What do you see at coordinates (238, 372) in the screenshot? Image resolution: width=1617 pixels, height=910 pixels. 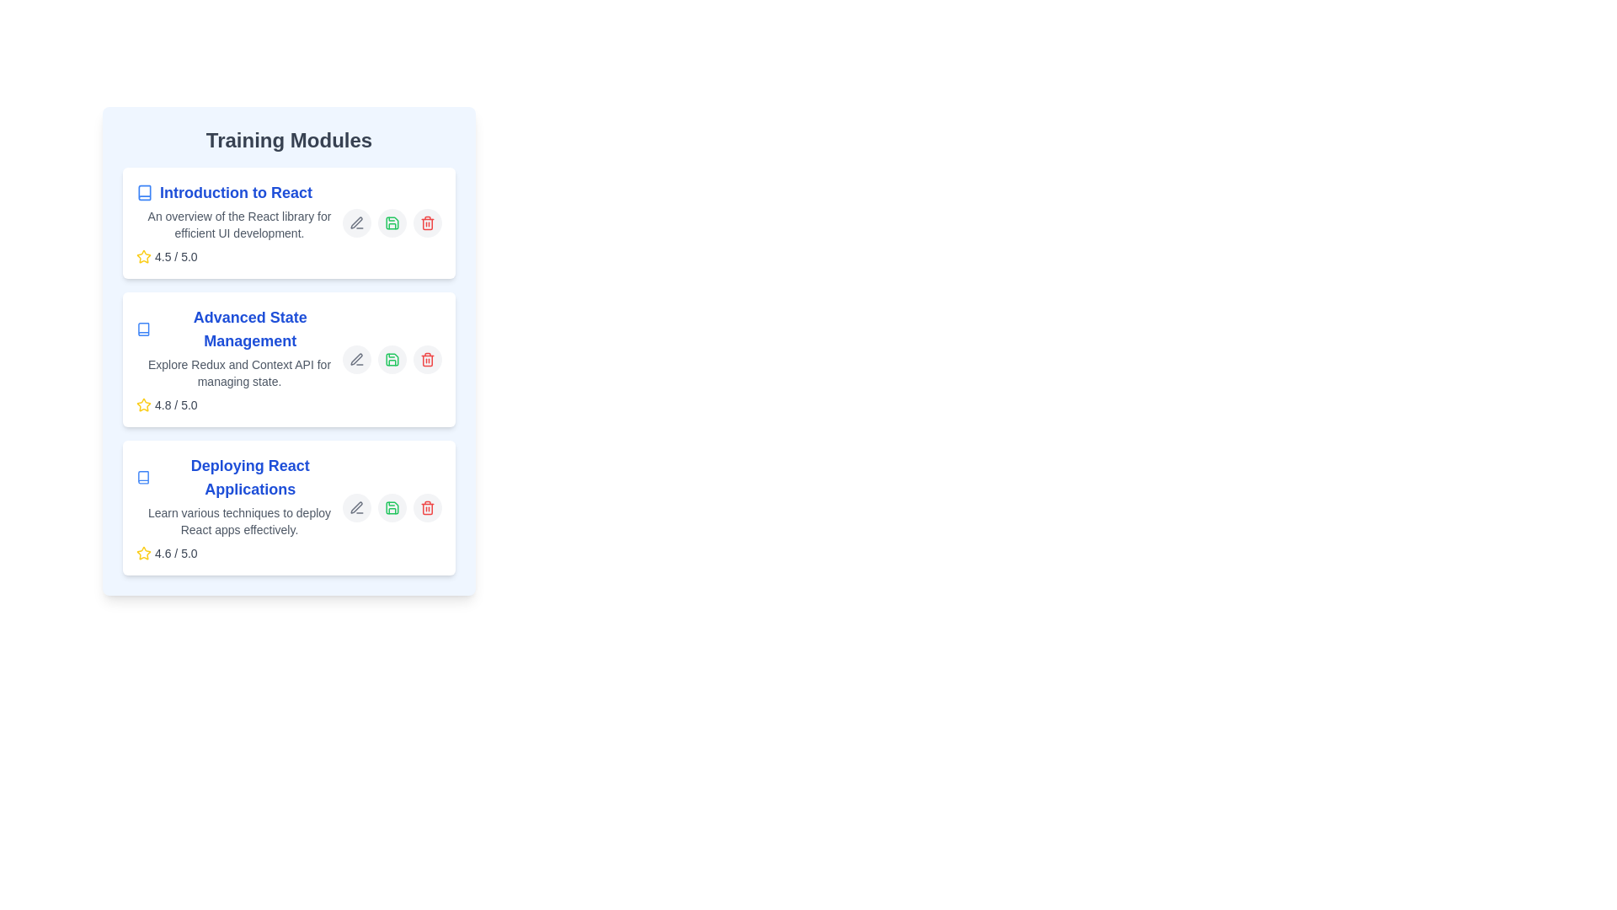 I see `descriptive text about the module 'Advanced State Management', which is positioned beneath the header and aligned within the second card component` at bounding box center [238, 372].